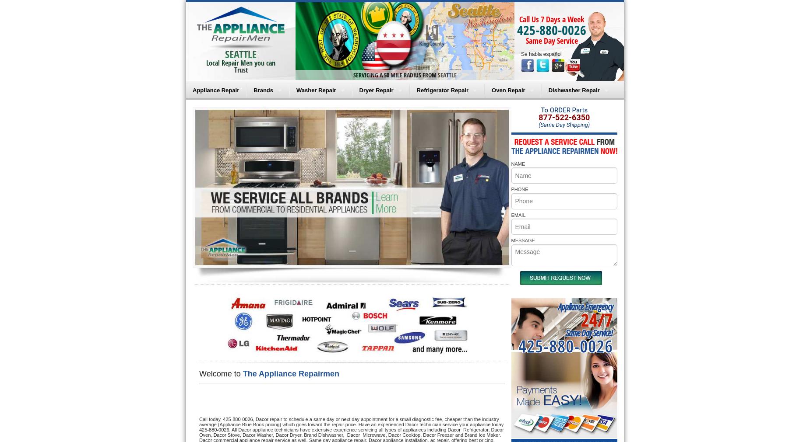 The width and height of the screenshot is (810, 442). I want to click on 'SEATTLE', so click(241, 53).